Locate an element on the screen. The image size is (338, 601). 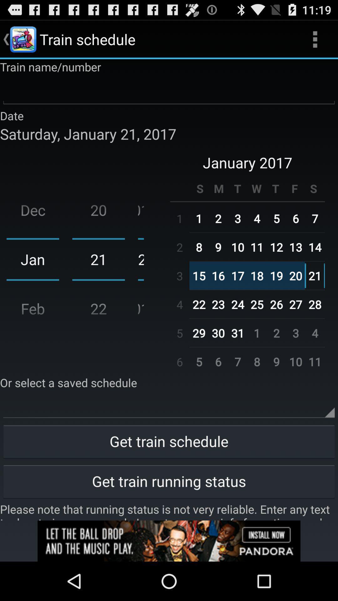
input train name or identifier number is located at coordinates (169, 91).